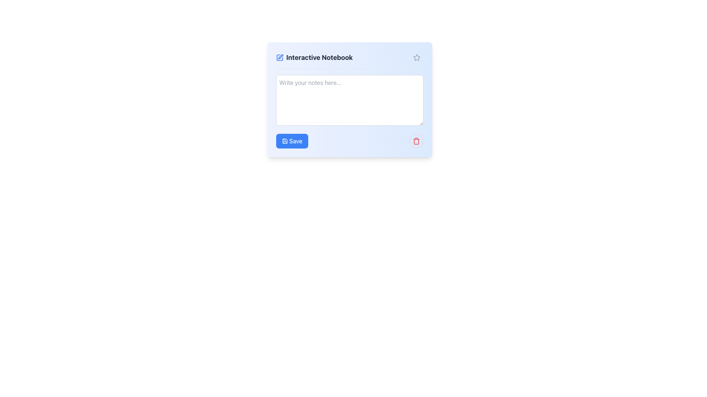 This screenshot has height=397, width=707. Describe the element at coordinates (349, 100) in the screenshot. I see `the multi-line text input field located centrally within the card UI component, below the 'Interactive Notebook' title, to begin entering text` at that location.